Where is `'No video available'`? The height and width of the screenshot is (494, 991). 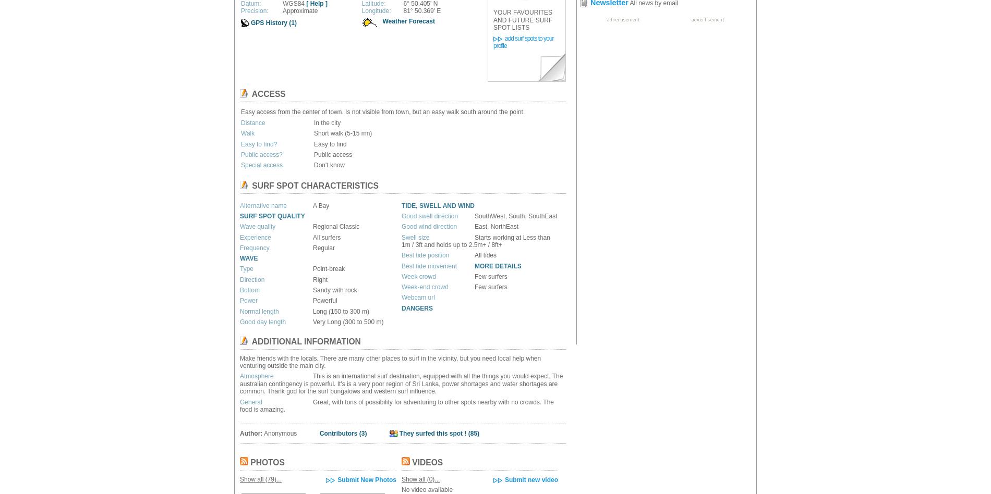 'No video available' is located at coordinates (427, 489).